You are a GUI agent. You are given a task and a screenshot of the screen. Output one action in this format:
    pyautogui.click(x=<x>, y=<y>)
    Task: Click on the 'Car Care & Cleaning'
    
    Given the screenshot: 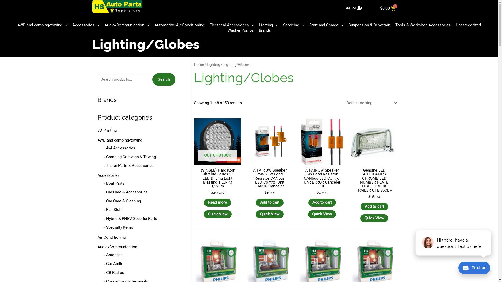 What is the action you would take?
    pyautogui.click(x=123, y=201)
    